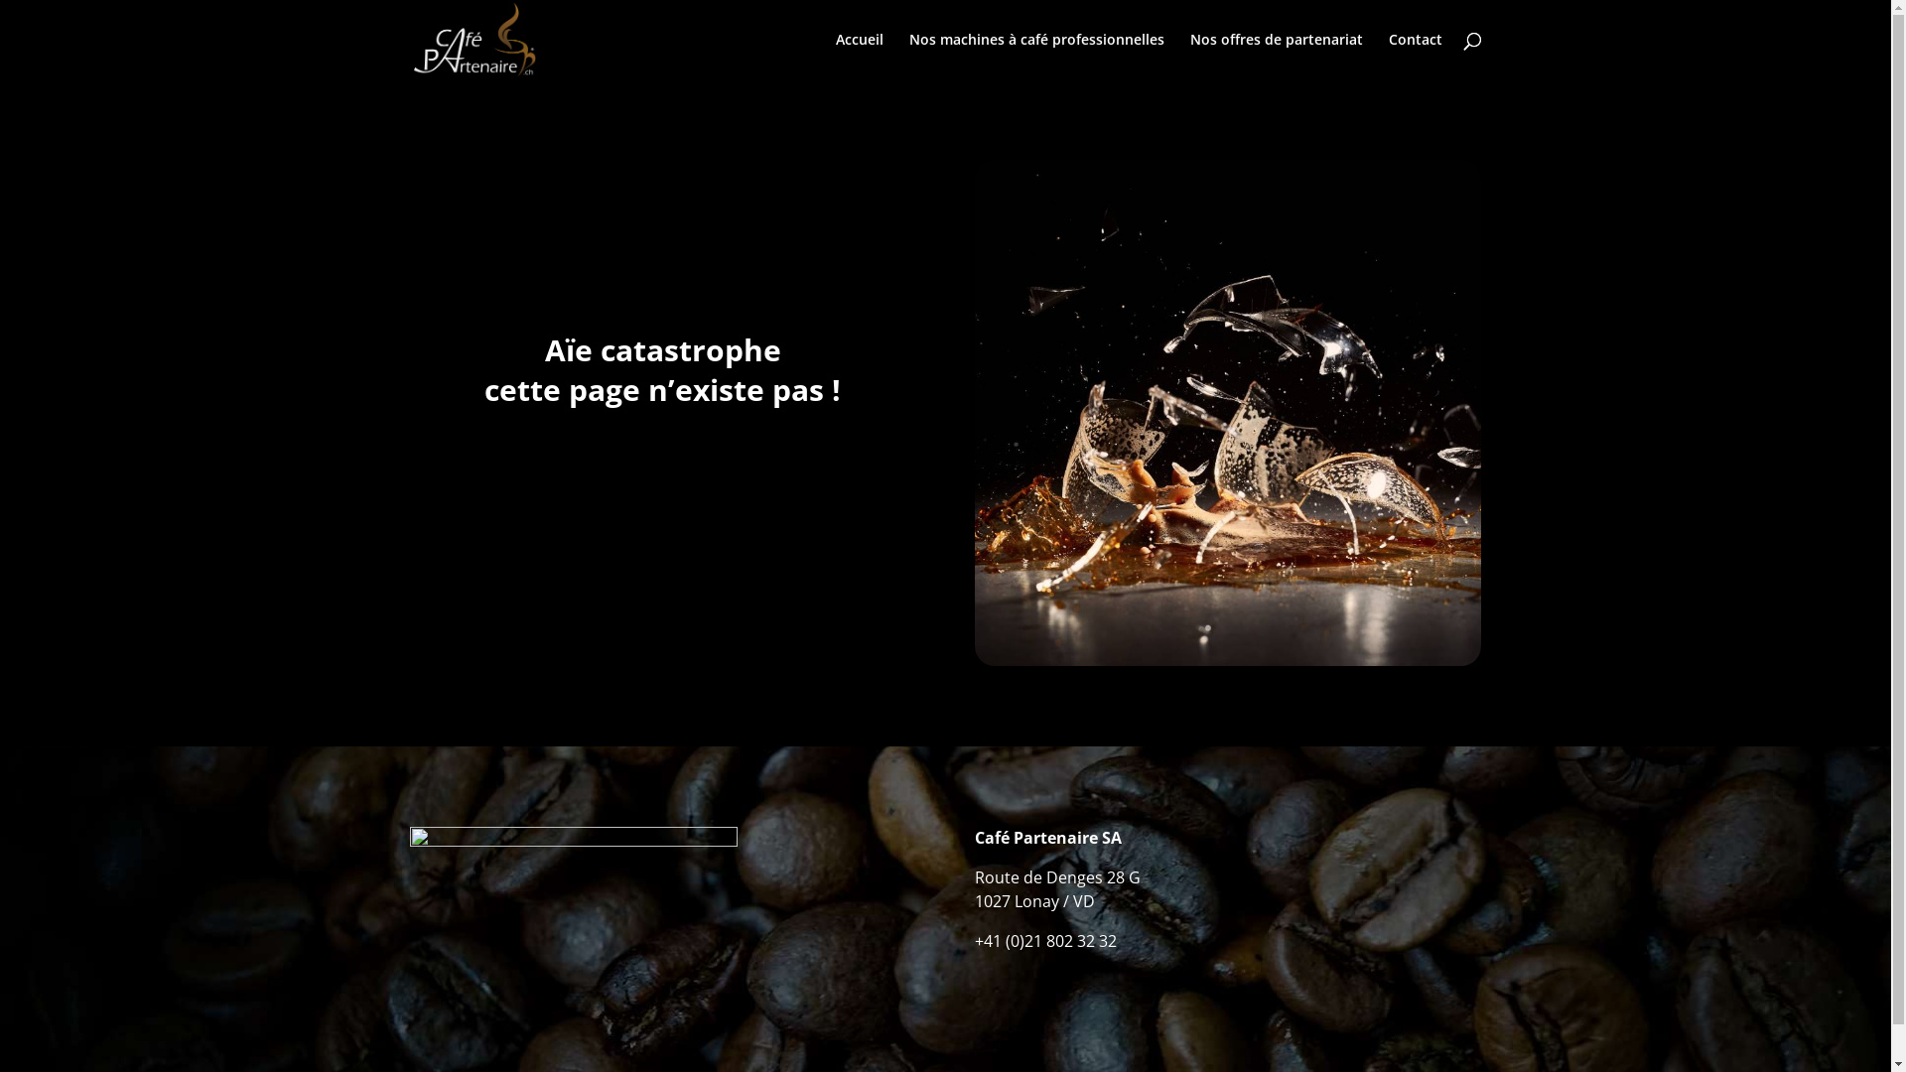 The height and width of the screenshot is (1072, 1906). What do you see at coordinates (1414, 55) in the screenshot?
I see `'Contact'` at bounding box center [1414, 55].